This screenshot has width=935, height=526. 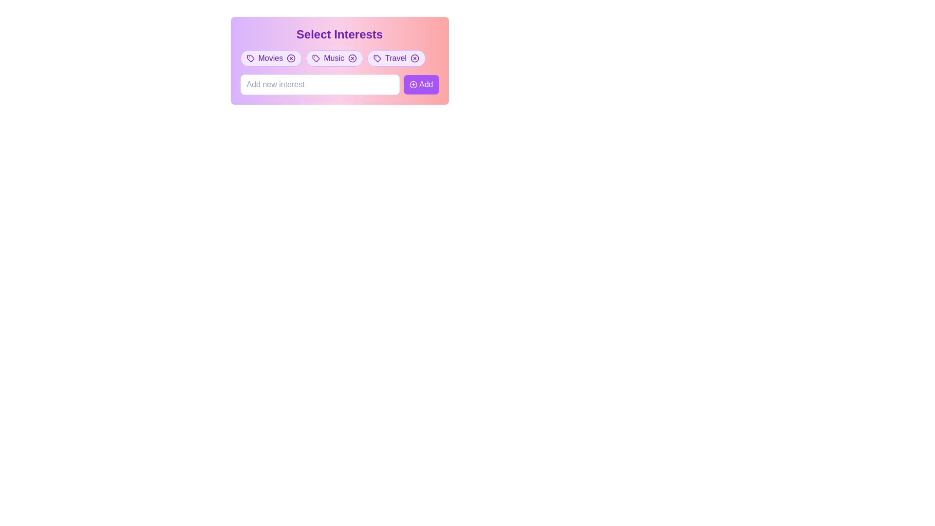 I want to click on the small circular button with a cross inside, located to the right of the 'Music' text in the 'Select Interests' section, so click(x=352, y=58).